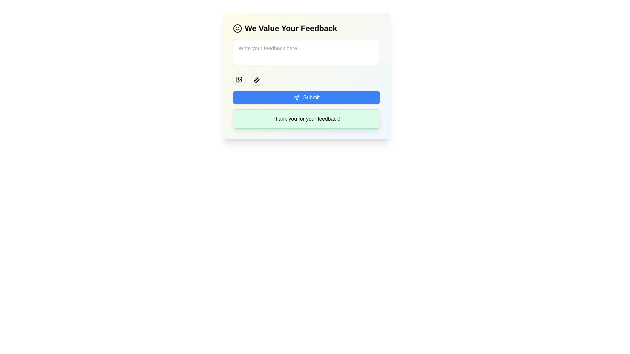  Describe the element at coordinates (306, 79) in the screenshot. I see `the attachment button in the toolbar with action buttons` at that location.